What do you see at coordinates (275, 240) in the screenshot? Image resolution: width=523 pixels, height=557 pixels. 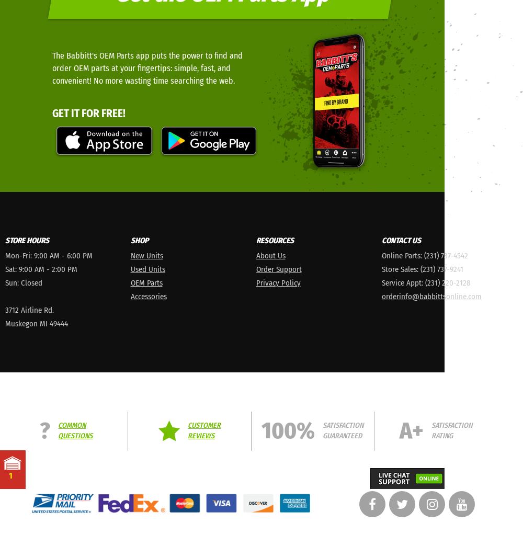 I see `'Resources'` at bounding box center [275, 240].